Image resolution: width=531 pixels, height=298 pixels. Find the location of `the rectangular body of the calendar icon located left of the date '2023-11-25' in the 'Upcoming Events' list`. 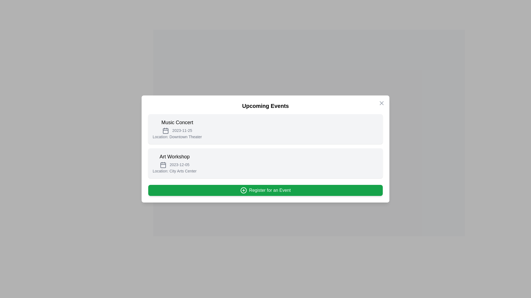

the rectangular body of the calendar icon located left of the date '2023-11-25' in the 'Upcoming Events' list is located at coordinates (165, 131).